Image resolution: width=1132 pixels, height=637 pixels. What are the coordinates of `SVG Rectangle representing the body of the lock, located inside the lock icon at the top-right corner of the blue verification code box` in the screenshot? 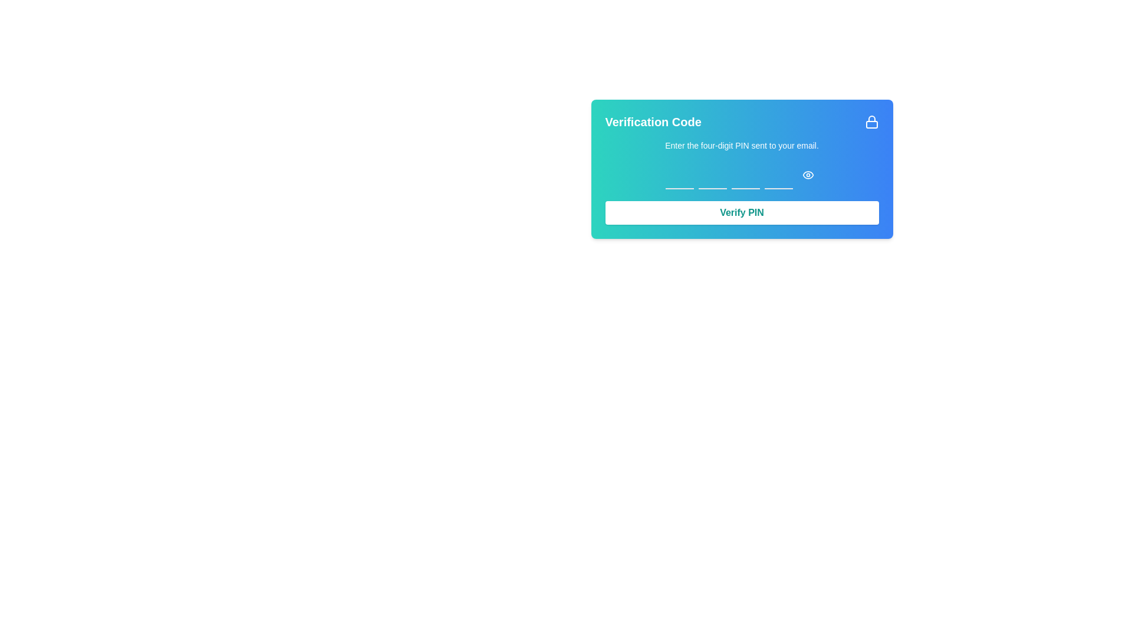 It's located at (871, 124).